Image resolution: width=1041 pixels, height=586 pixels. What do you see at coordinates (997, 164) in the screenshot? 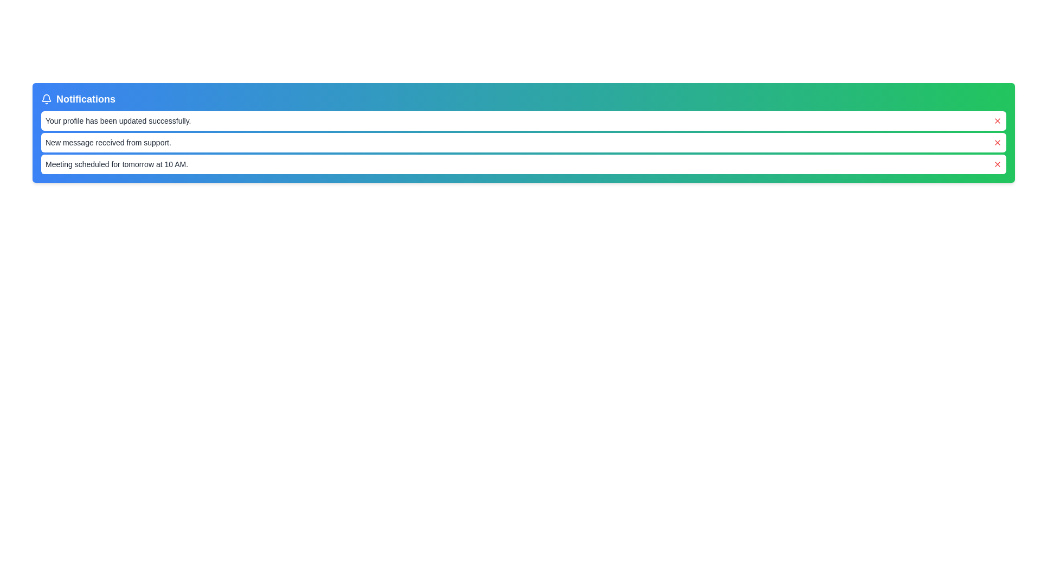
I see `the icon button located on the far right of the notification strip containing the text 'Meeting scheduled for tomorrow at 10 AM.'` at bounding box center [997, 164].